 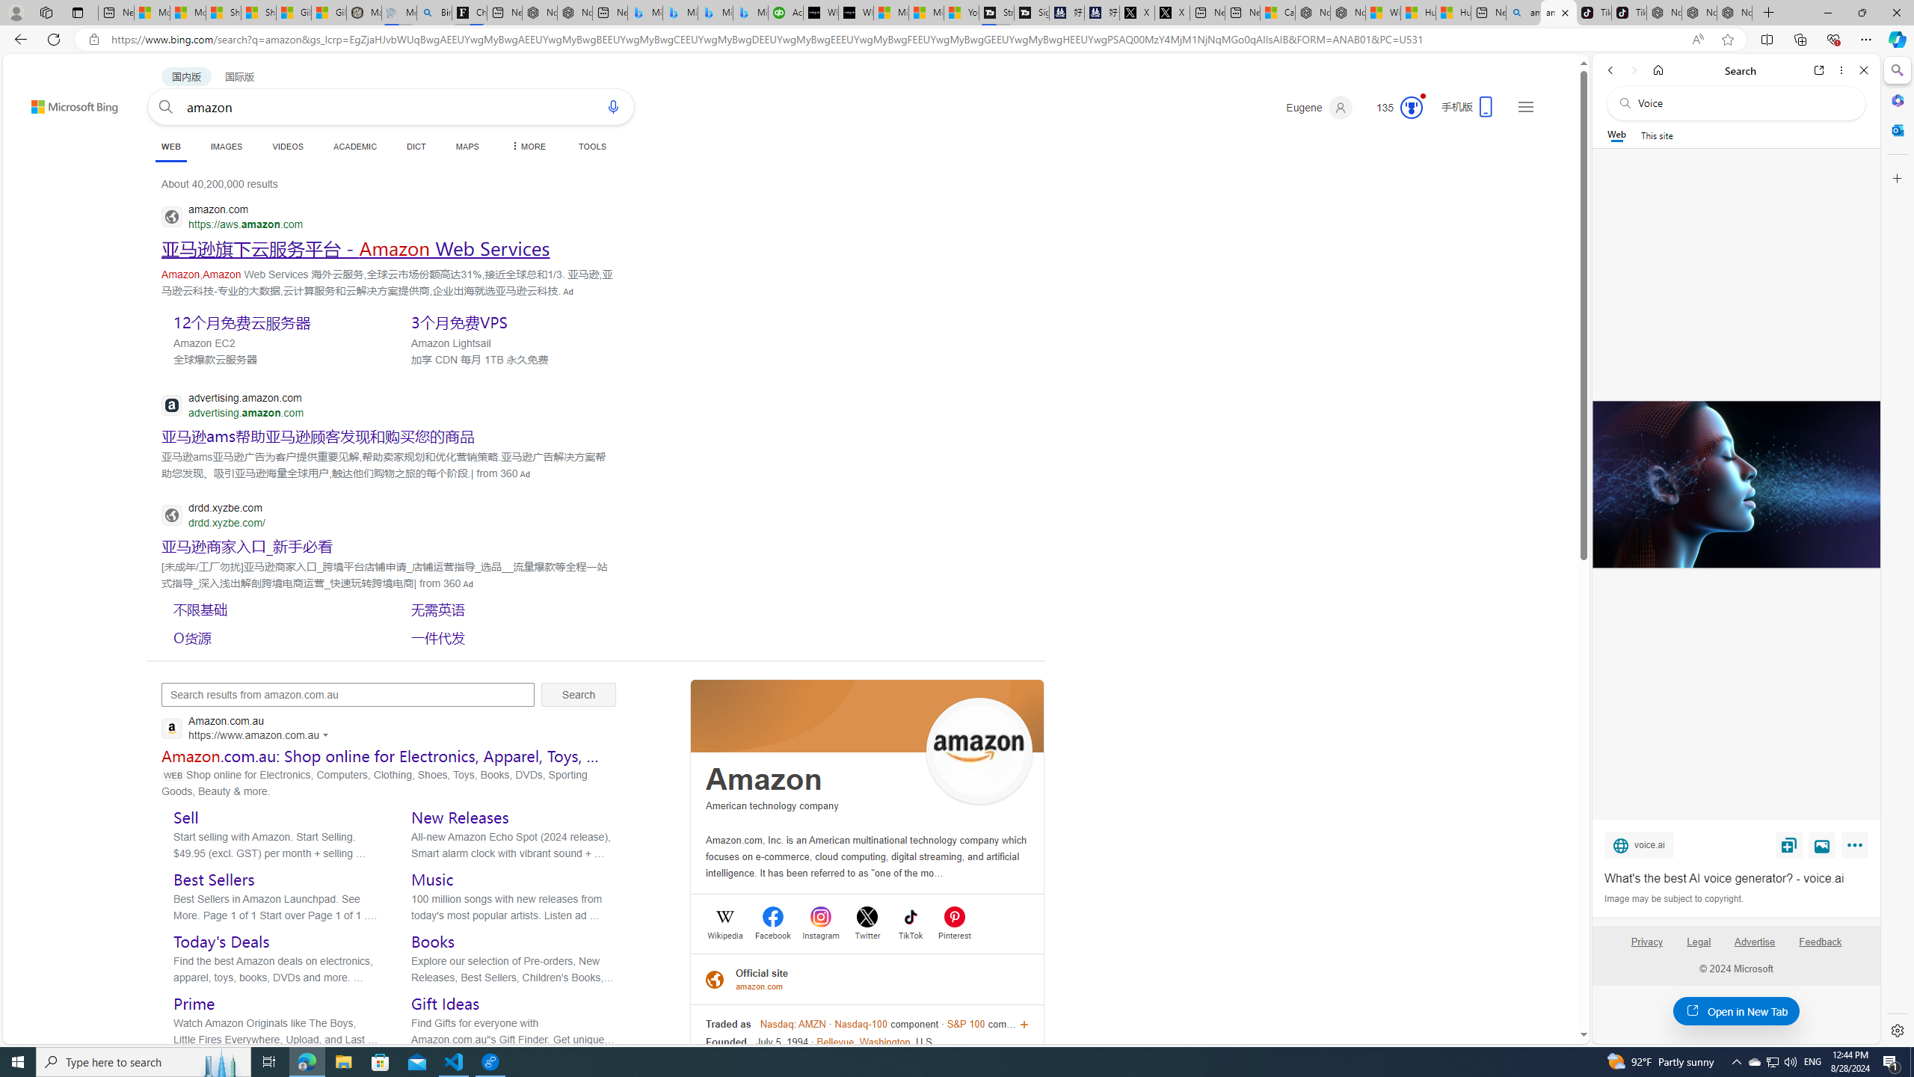 What do you see at coordinates (612, 105) in the screenshot?
I see `'Search using voice'` at bounding box center [612, 105].